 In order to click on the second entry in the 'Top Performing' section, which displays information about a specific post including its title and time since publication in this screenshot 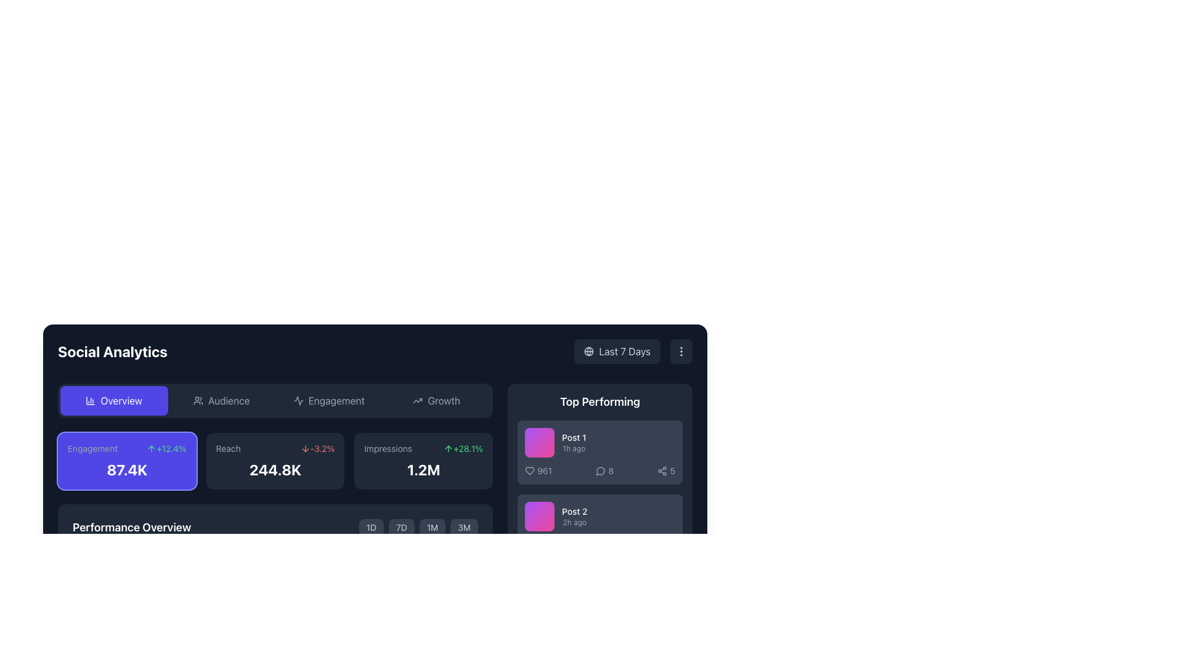, I will do `click(600, 517)`.